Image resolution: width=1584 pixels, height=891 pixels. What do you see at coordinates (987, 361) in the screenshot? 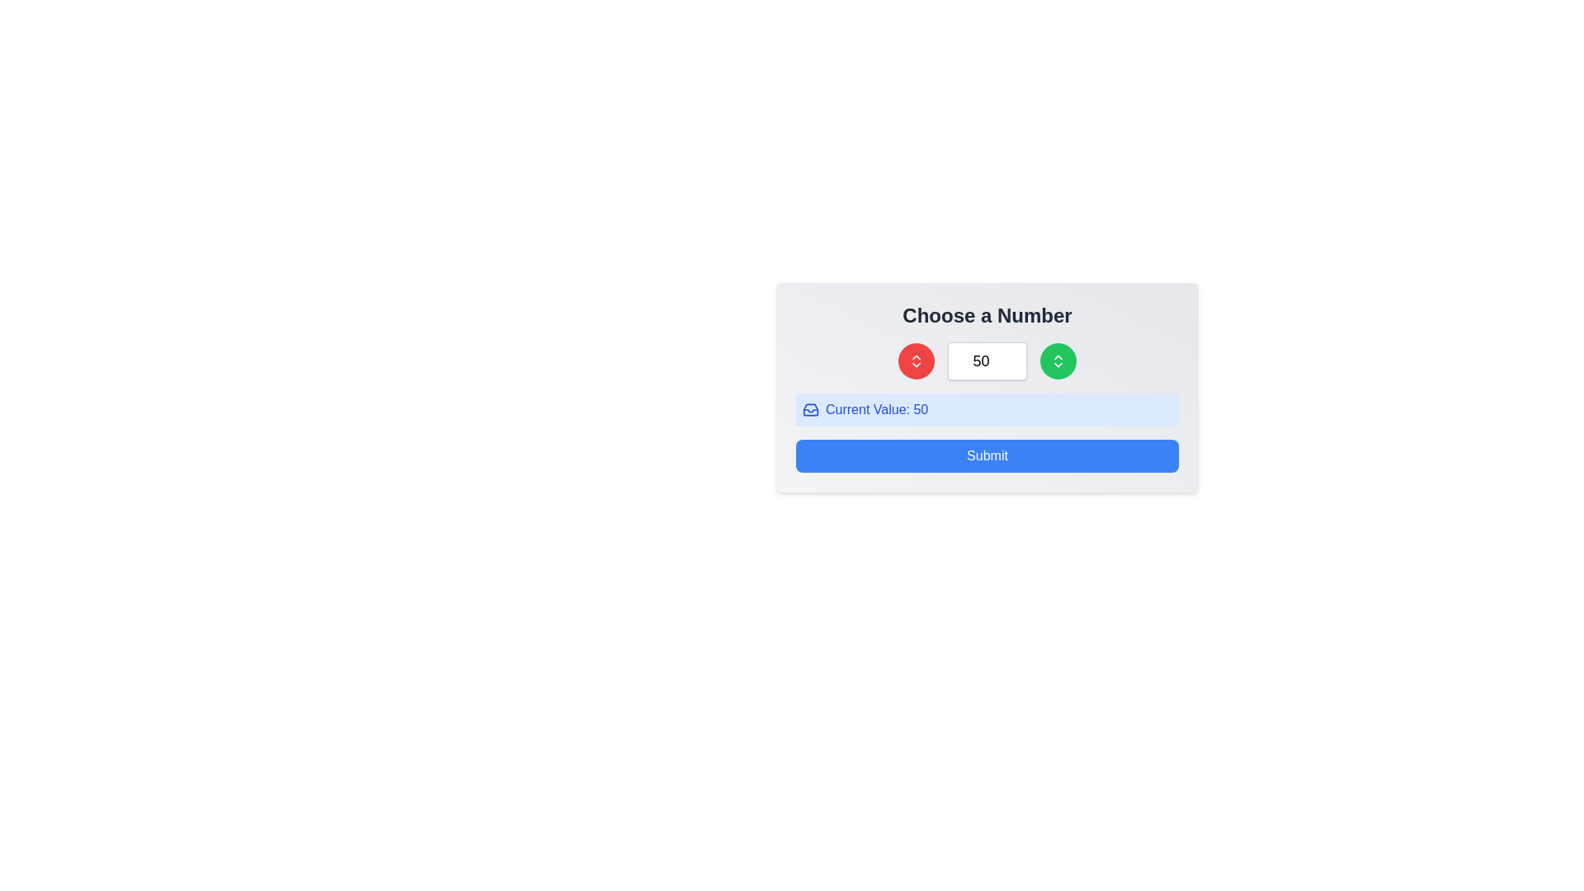
I see `the green circular button with an upward arrow icon to increase the number in the composite UI element below the 'Choose a Number' heading` at bounding box center [987, 361].